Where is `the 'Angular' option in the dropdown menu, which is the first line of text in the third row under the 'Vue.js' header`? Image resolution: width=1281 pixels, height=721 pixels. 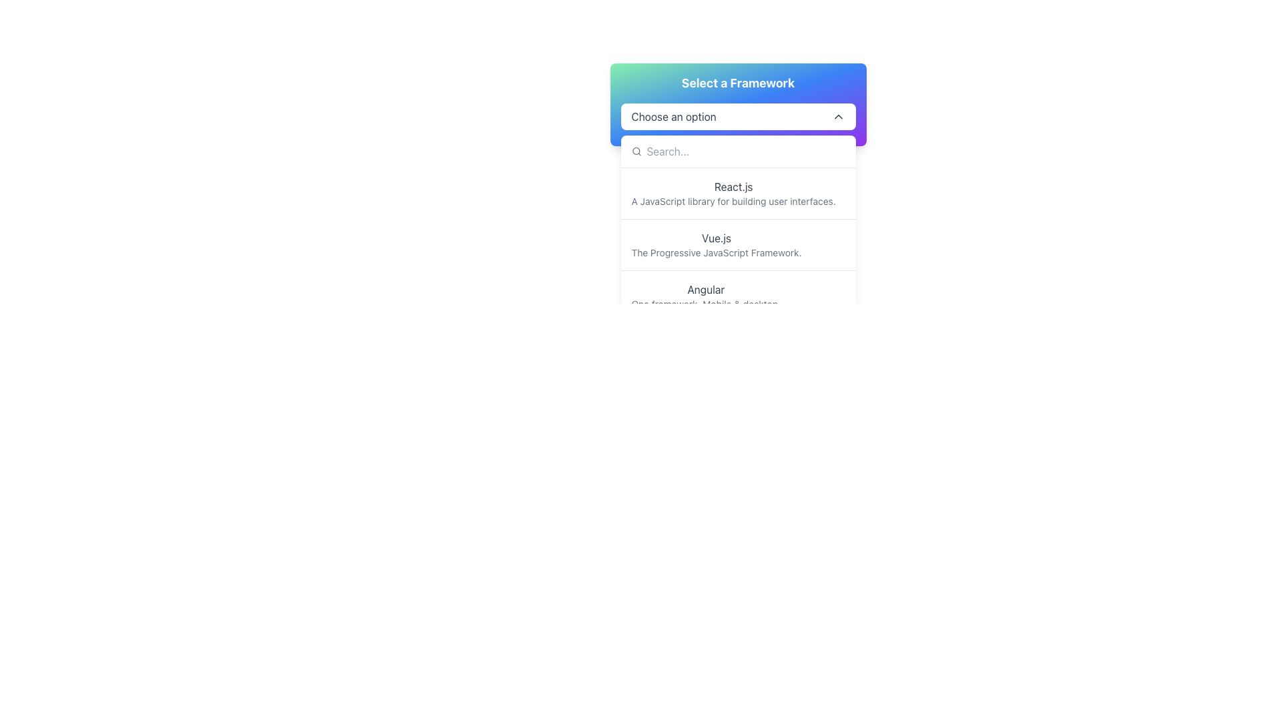 the 'Angular' option in the dropdown menu, which is the first line of text in the third row under the 'Vue.js' header is located at coordinates (705, 289).